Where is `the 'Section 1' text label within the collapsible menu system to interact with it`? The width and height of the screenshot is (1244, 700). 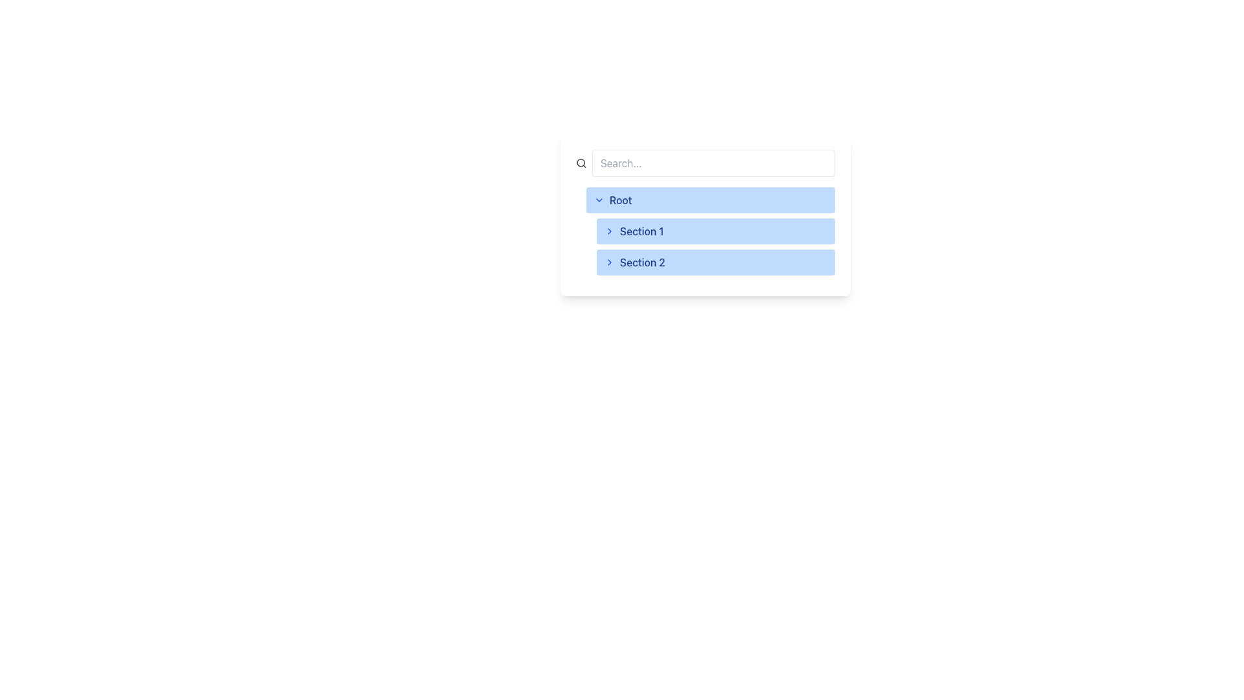 the 'Section 1' text label within the collapsible menu system to interact with it is located at coordinates (634, 231).